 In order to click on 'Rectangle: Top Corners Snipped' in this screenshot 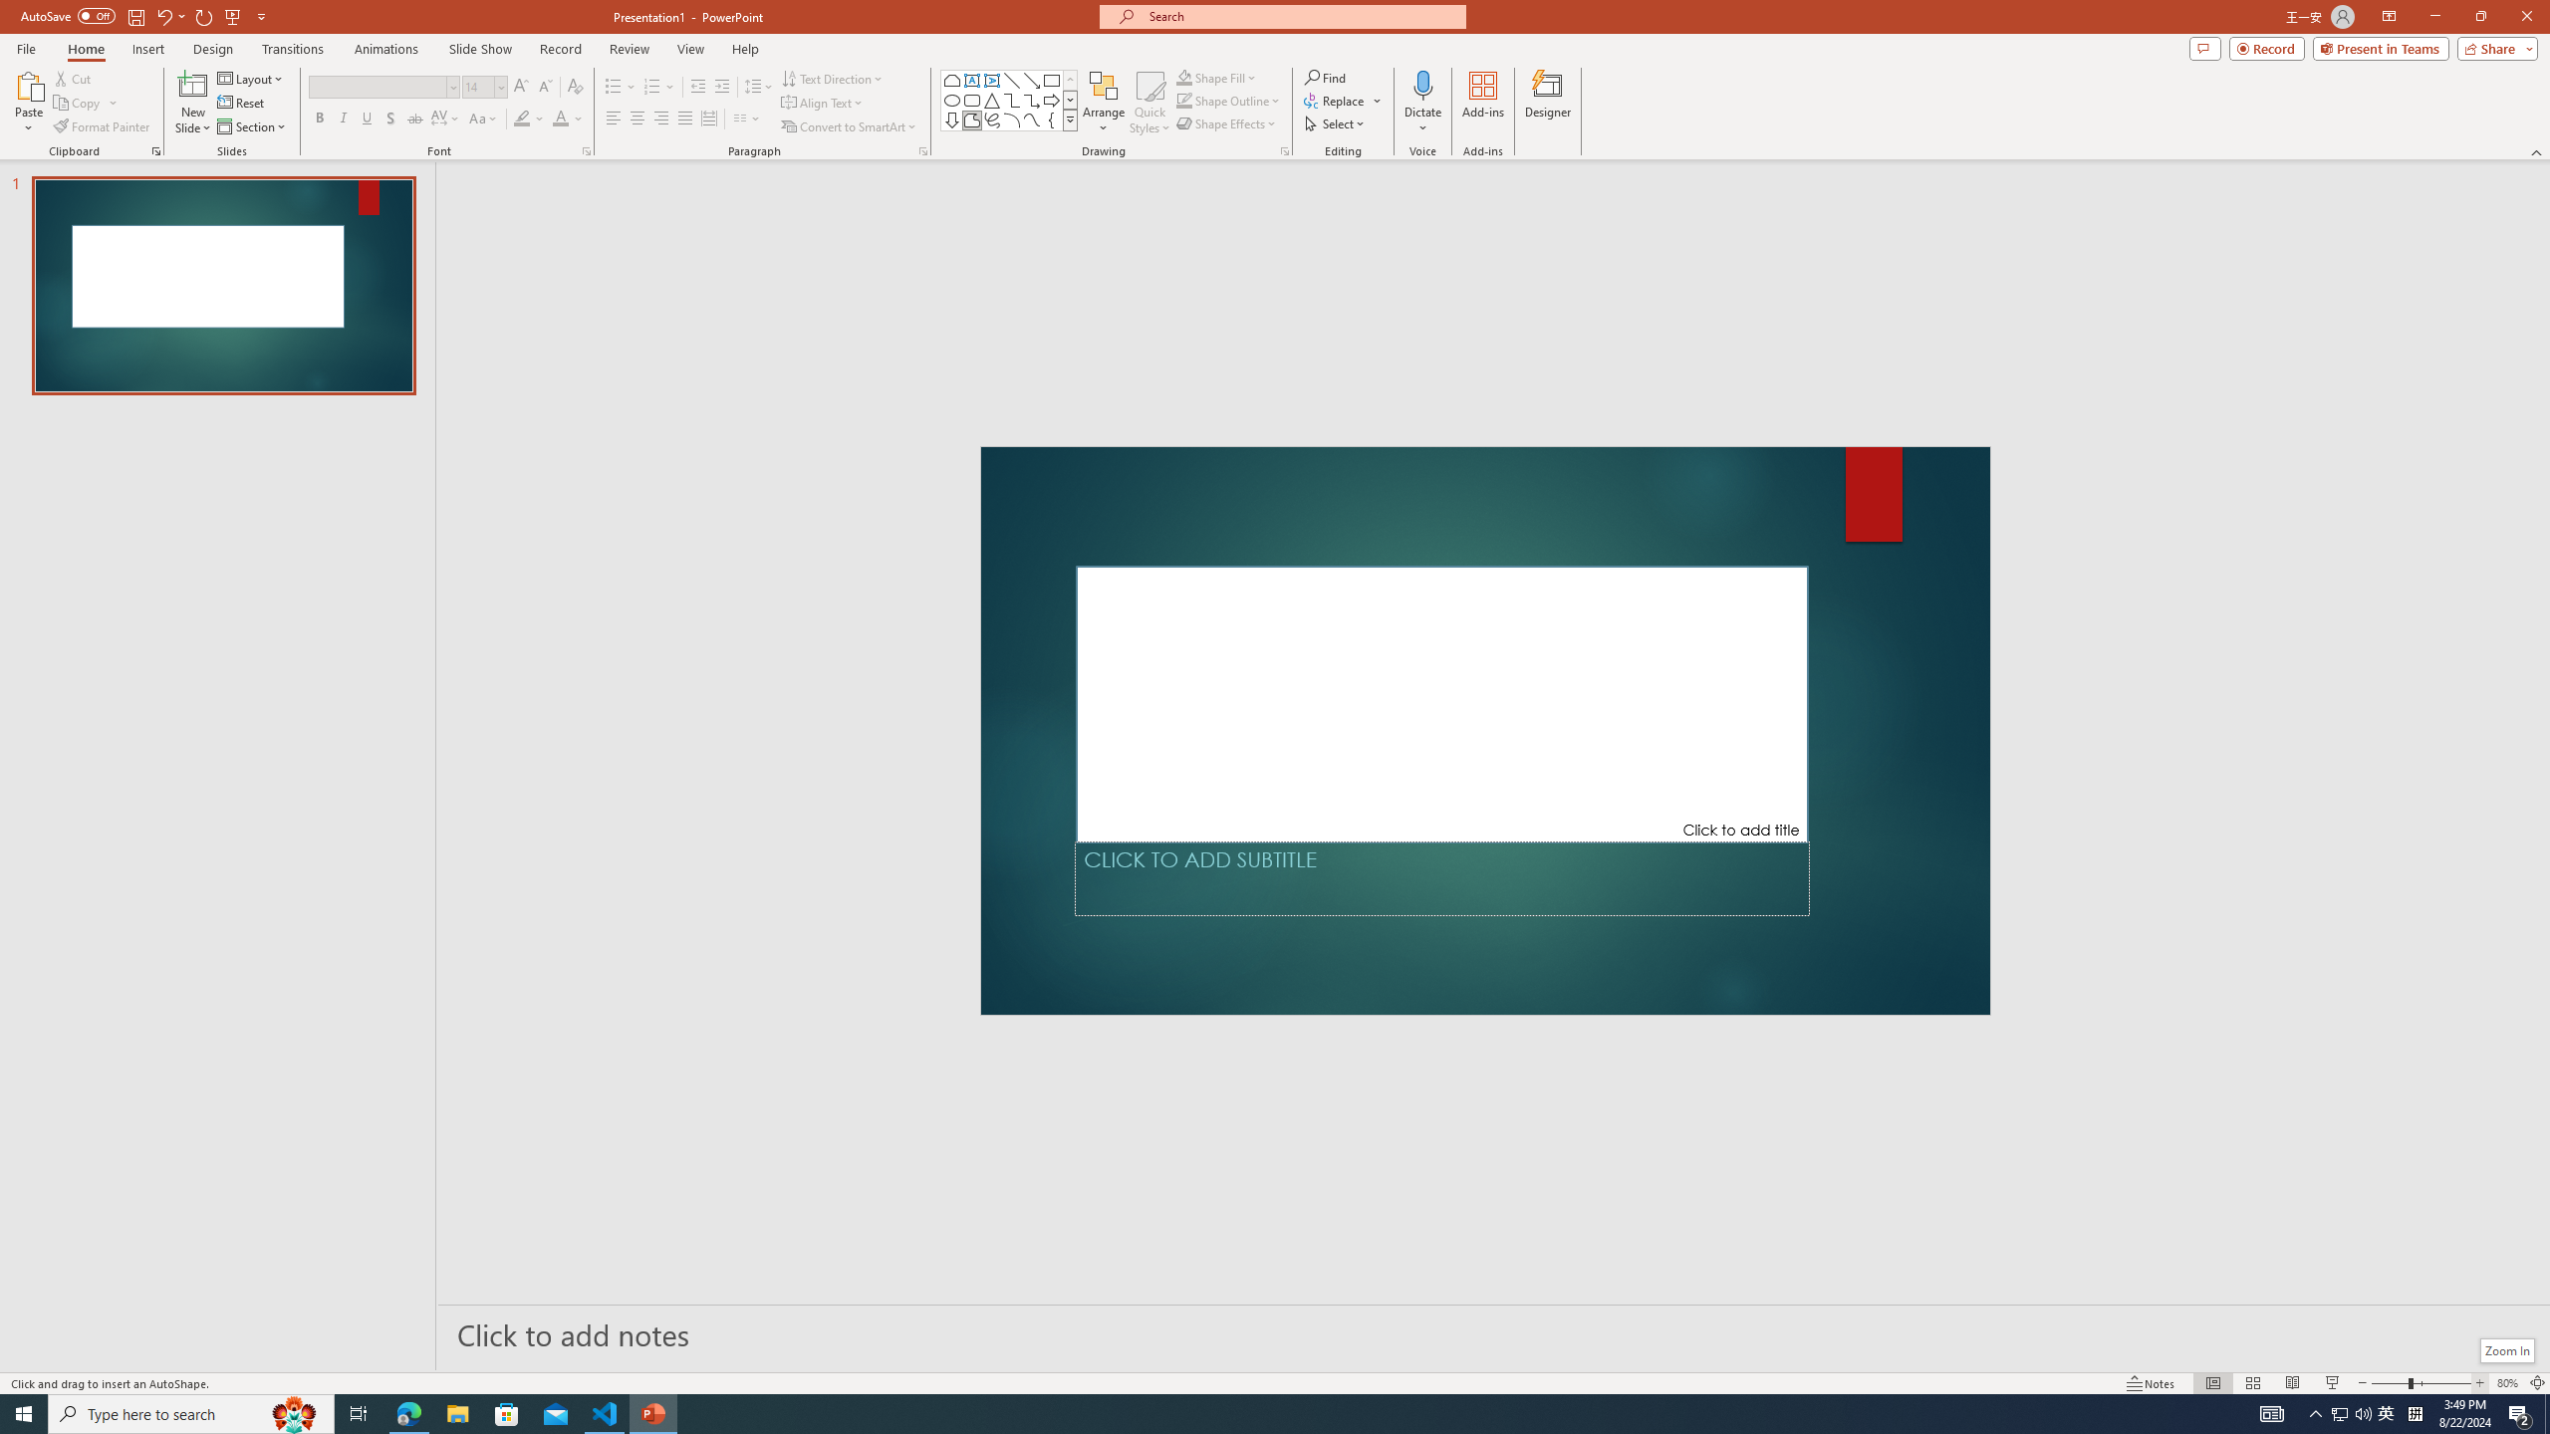, I will do `click(951, 80)`.